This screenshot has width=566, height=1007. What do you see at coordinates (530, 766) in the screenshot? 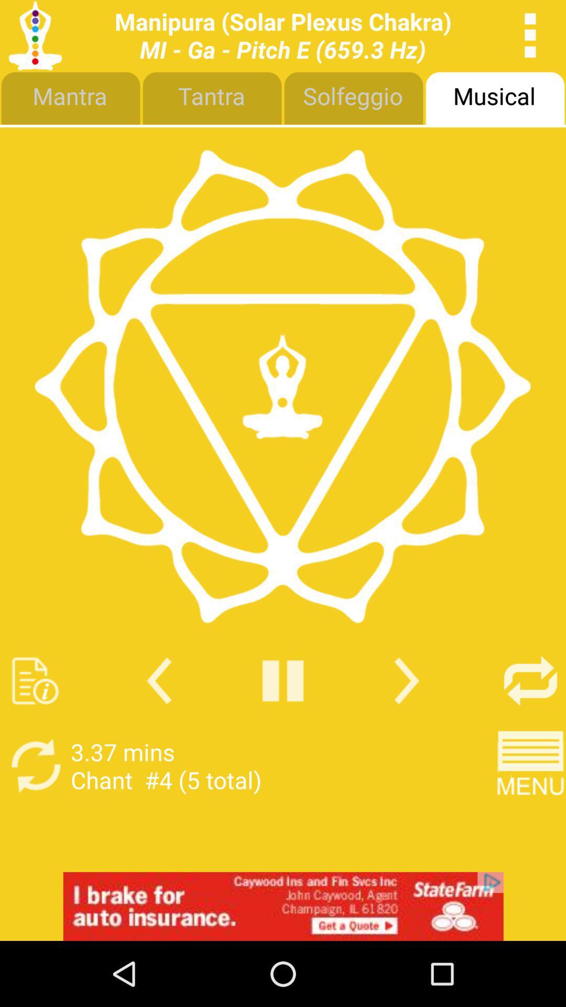
I see `menu` at bounding box center [530, 766].